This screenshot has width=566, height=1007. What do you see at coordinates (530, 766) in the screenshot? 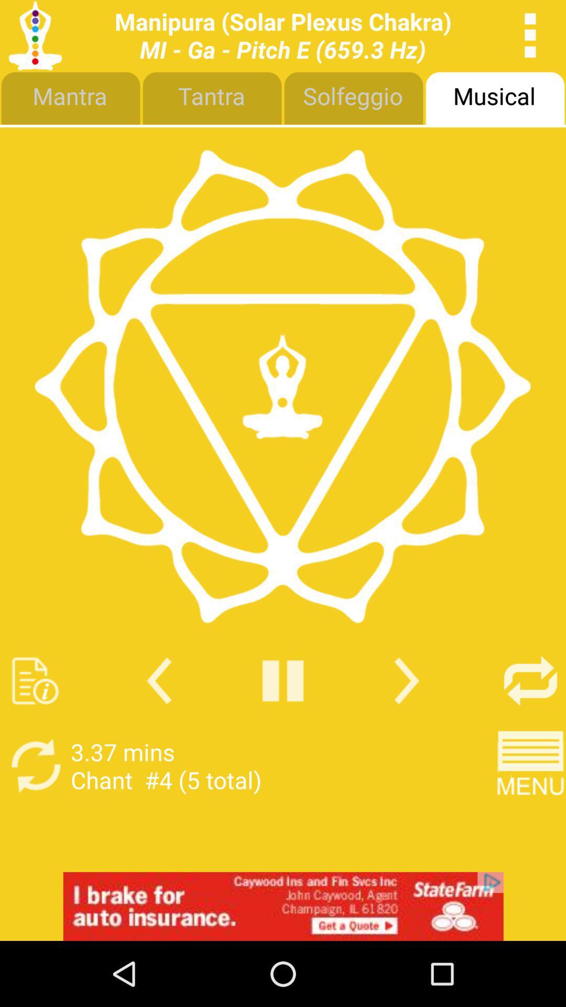
I see `menu` at bounding box center [530, 766].